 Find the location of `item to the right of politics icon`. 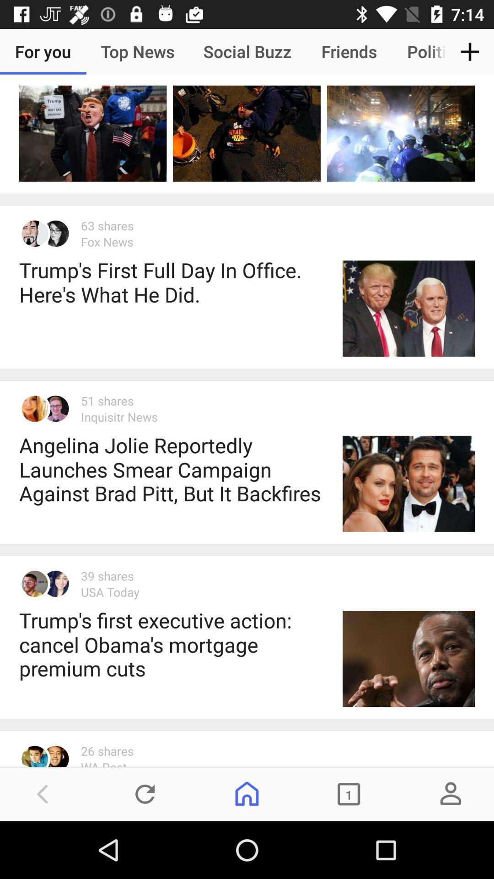

item to the right of politics icon is located at coordinates (470, 51).